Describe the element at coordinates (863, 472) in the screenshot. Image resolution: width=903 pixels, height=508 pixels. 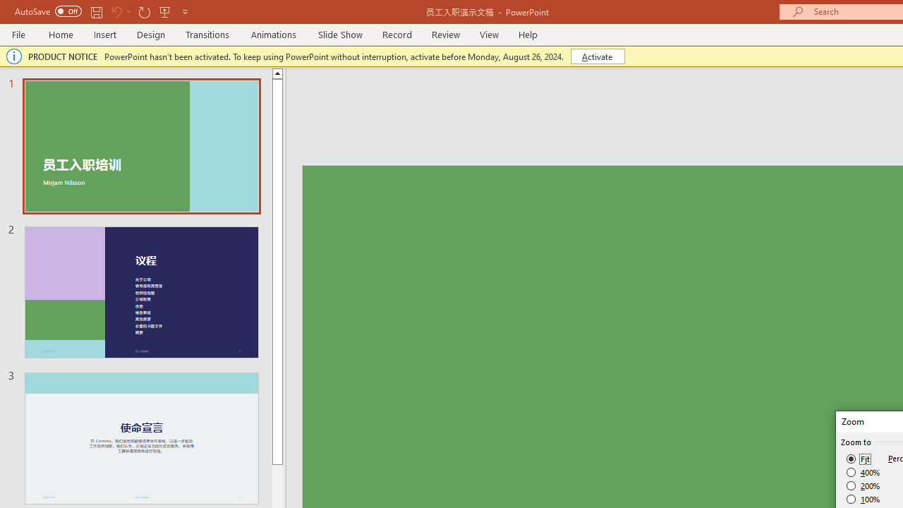
I see `'400%'` at that location.